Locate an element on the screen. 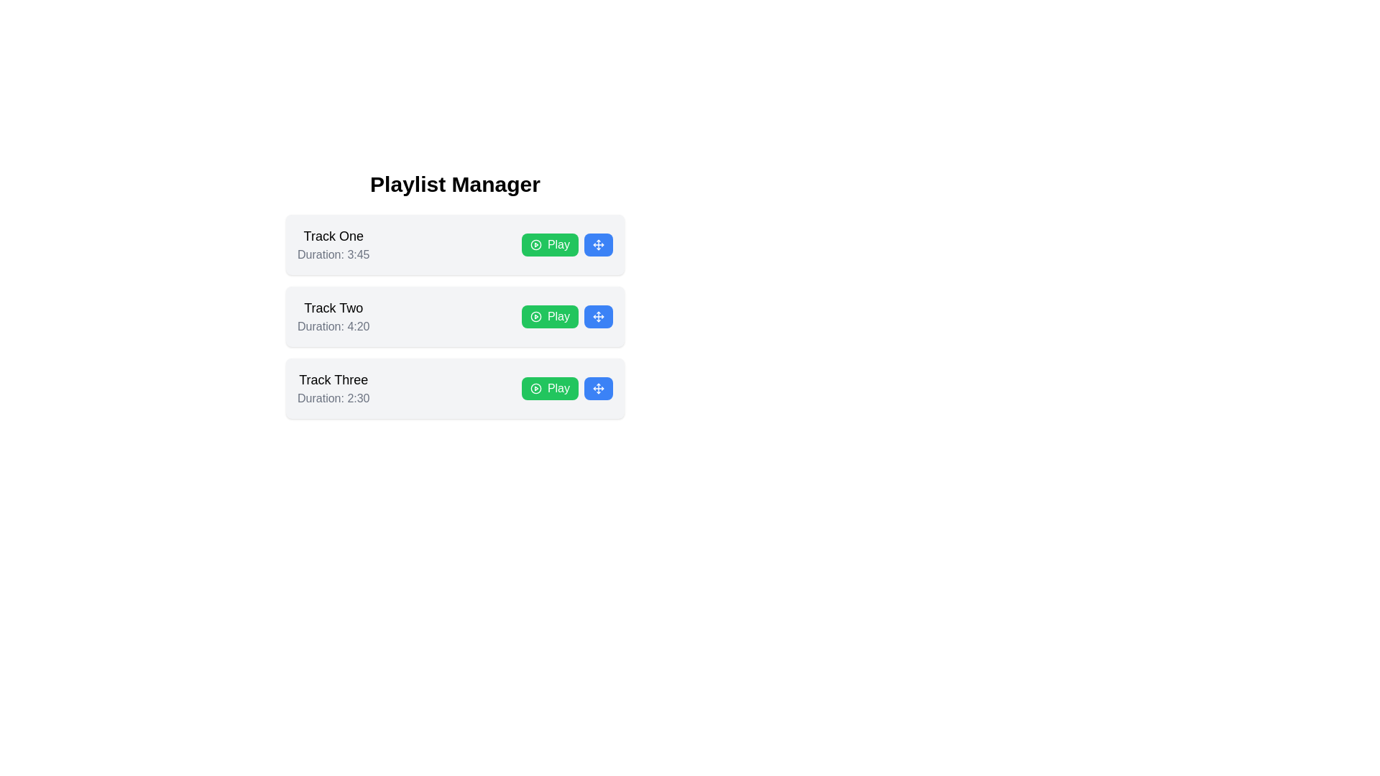 Image resolution: width=1380 pixels, height=776 pixels. text displayed in the large, bold header labeled 'Playlist Manager' located at the top of the interface is located at coordinates (454, 184).